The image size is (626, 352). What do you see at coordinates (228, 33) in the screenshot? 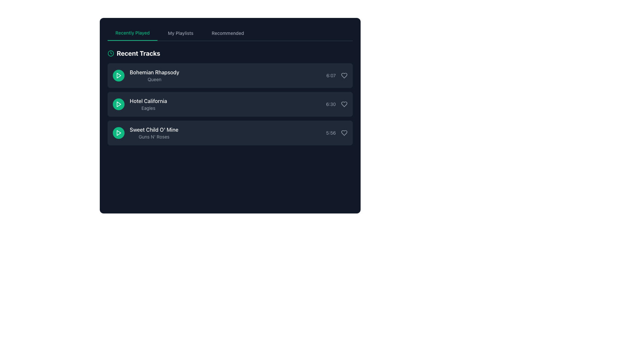
I see `the 'Recommended' button located in the navigational bar` at bounding box center [228, 33].